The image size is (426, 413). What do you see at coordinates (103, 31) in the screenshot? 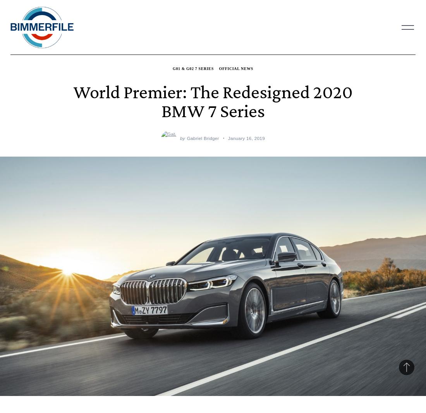
I see `'4 Series'` at bounding box center [103, 31].